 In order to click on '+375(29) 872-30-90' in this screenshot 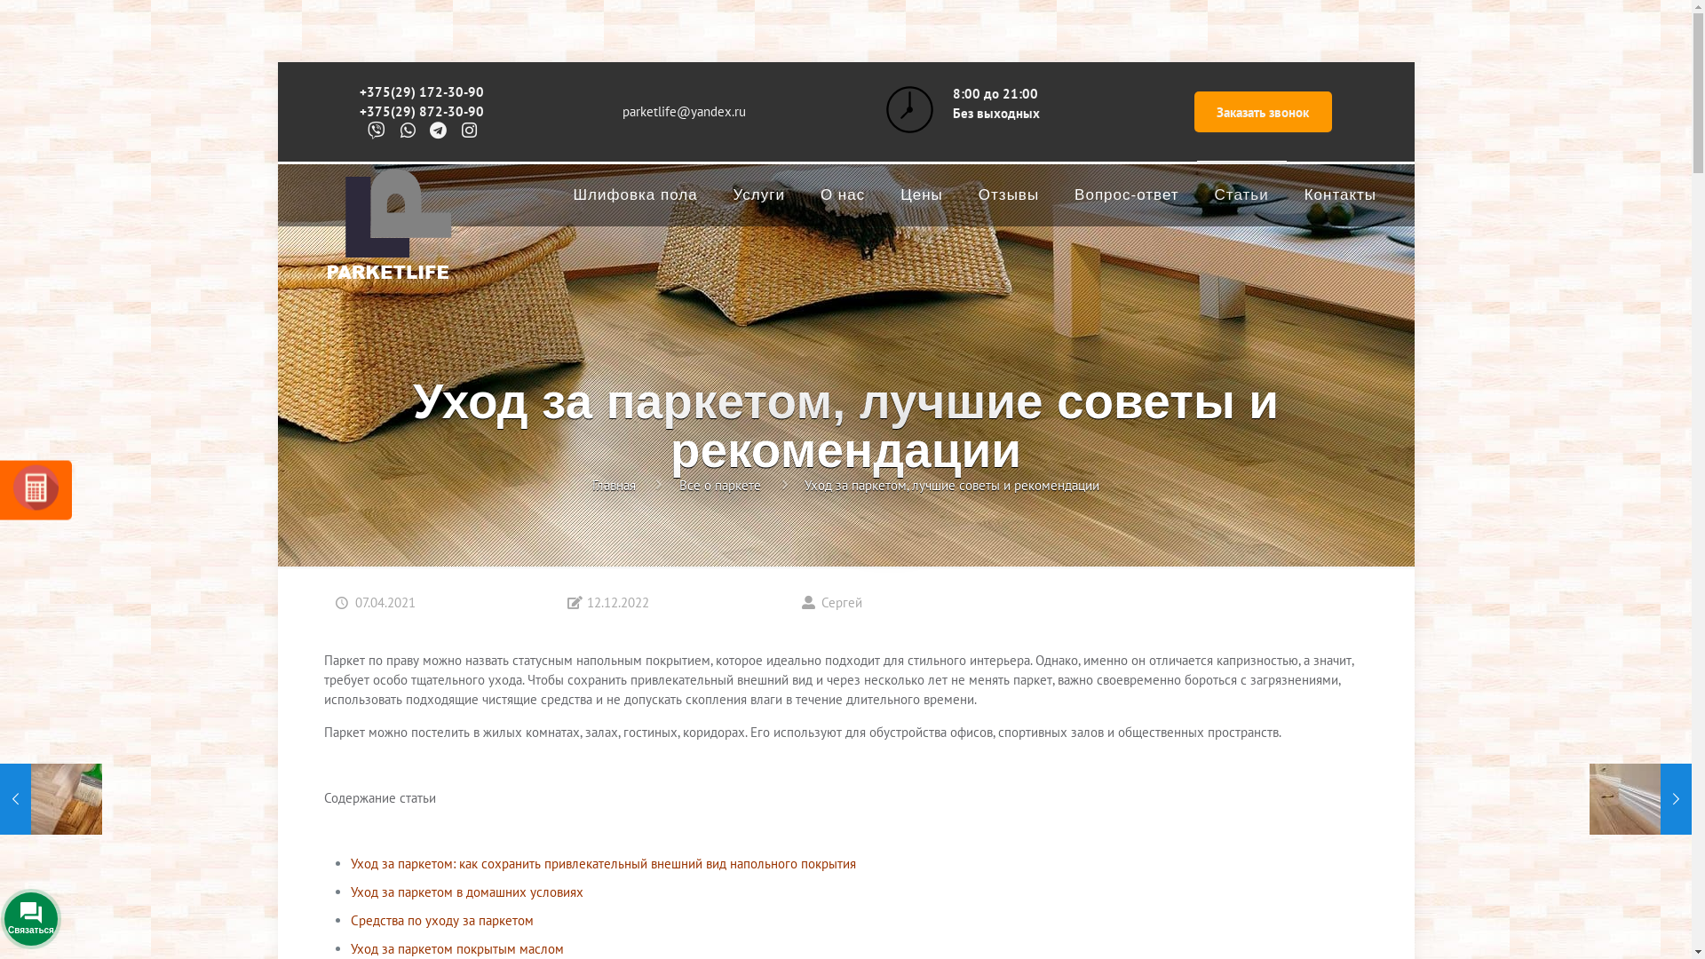, I will do `click(358, 111)`.